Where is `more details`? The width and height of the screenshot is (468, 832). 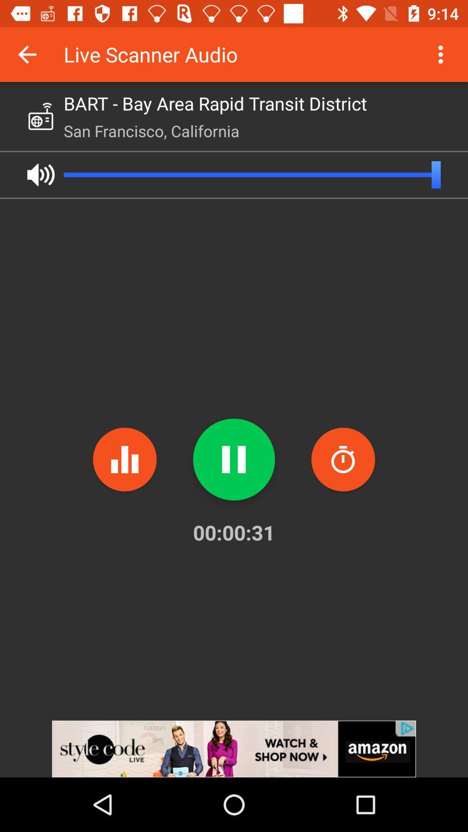 more details is located at coordinates (441, 54).